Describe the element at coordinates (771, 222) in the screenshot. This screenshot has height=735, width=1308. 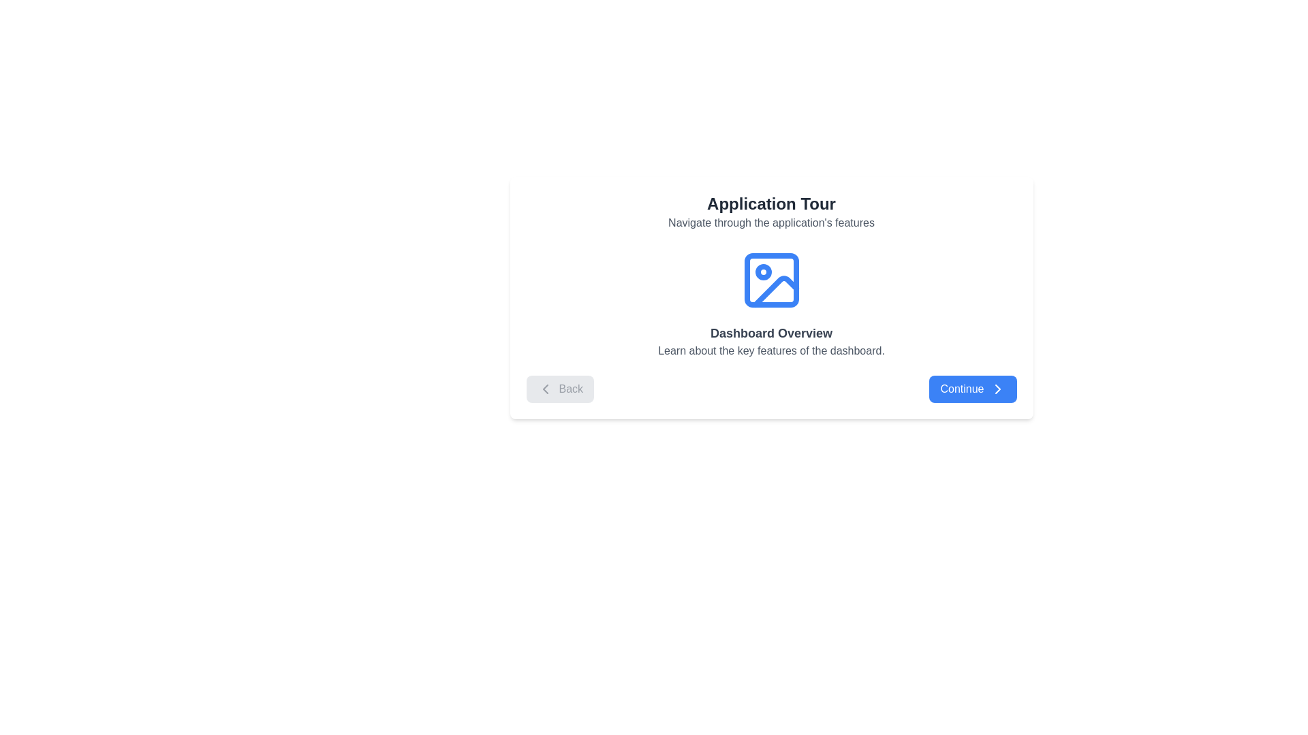
I see `the informational text element that provides supplementary information related to the headline 'Application Tour'` at that location.